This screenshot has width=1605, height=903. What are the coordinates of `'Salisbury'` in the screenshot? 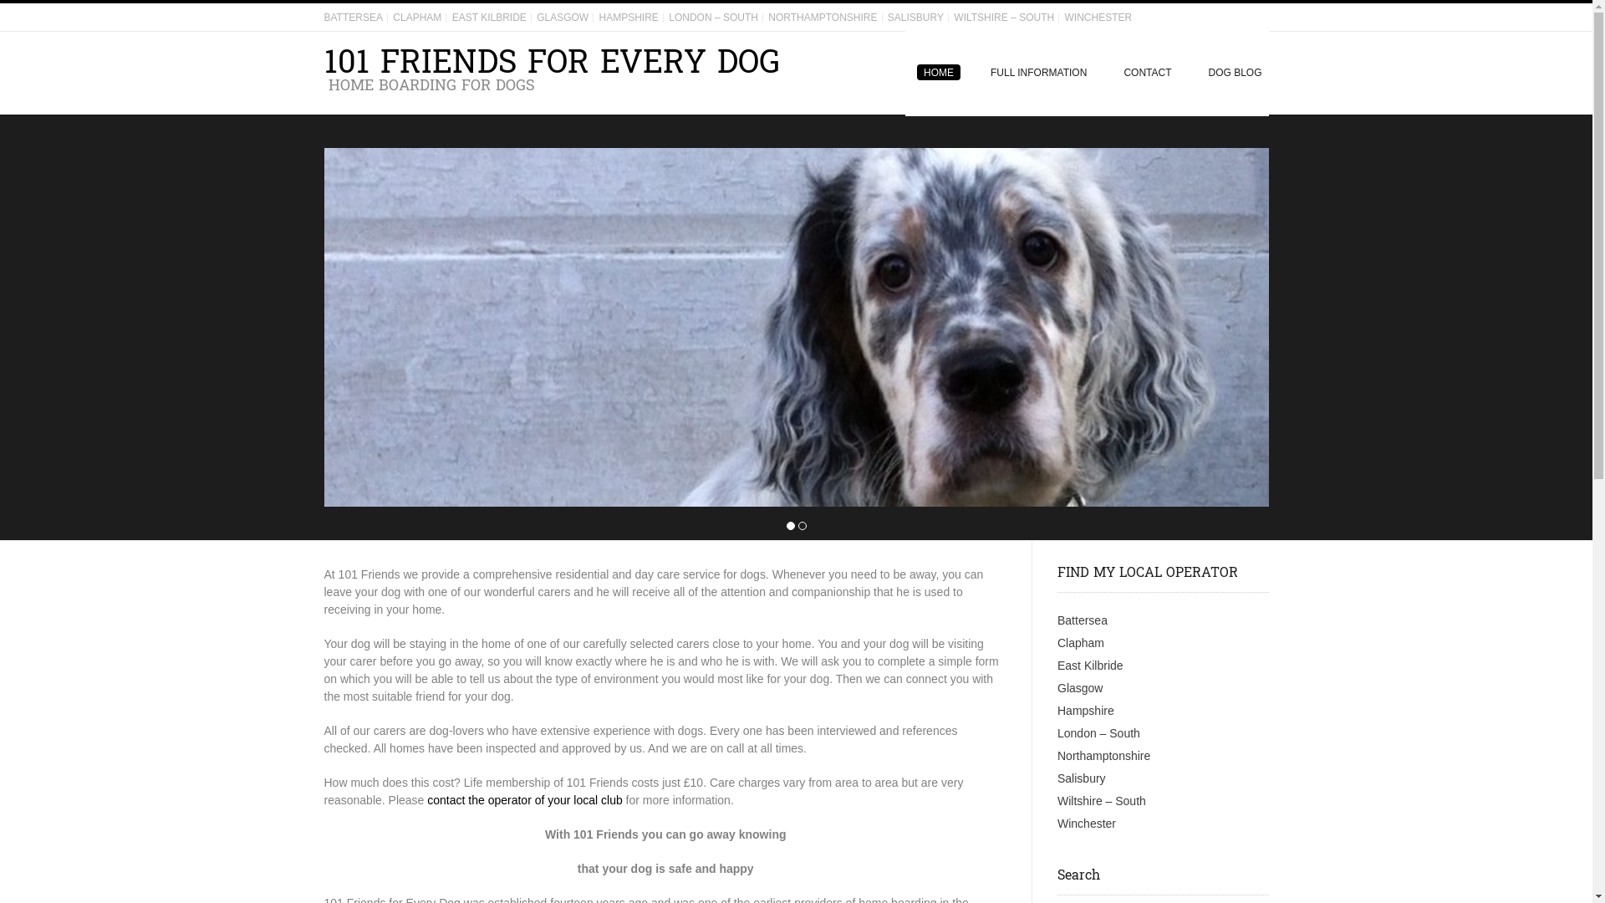 It's located at (1057, 778).